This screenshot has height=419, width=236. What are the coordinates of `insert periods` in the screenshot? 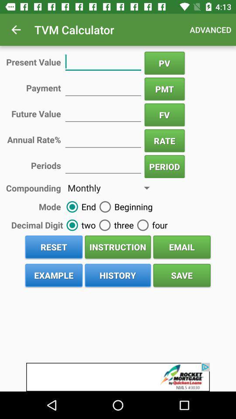 It's located at (103, 165).